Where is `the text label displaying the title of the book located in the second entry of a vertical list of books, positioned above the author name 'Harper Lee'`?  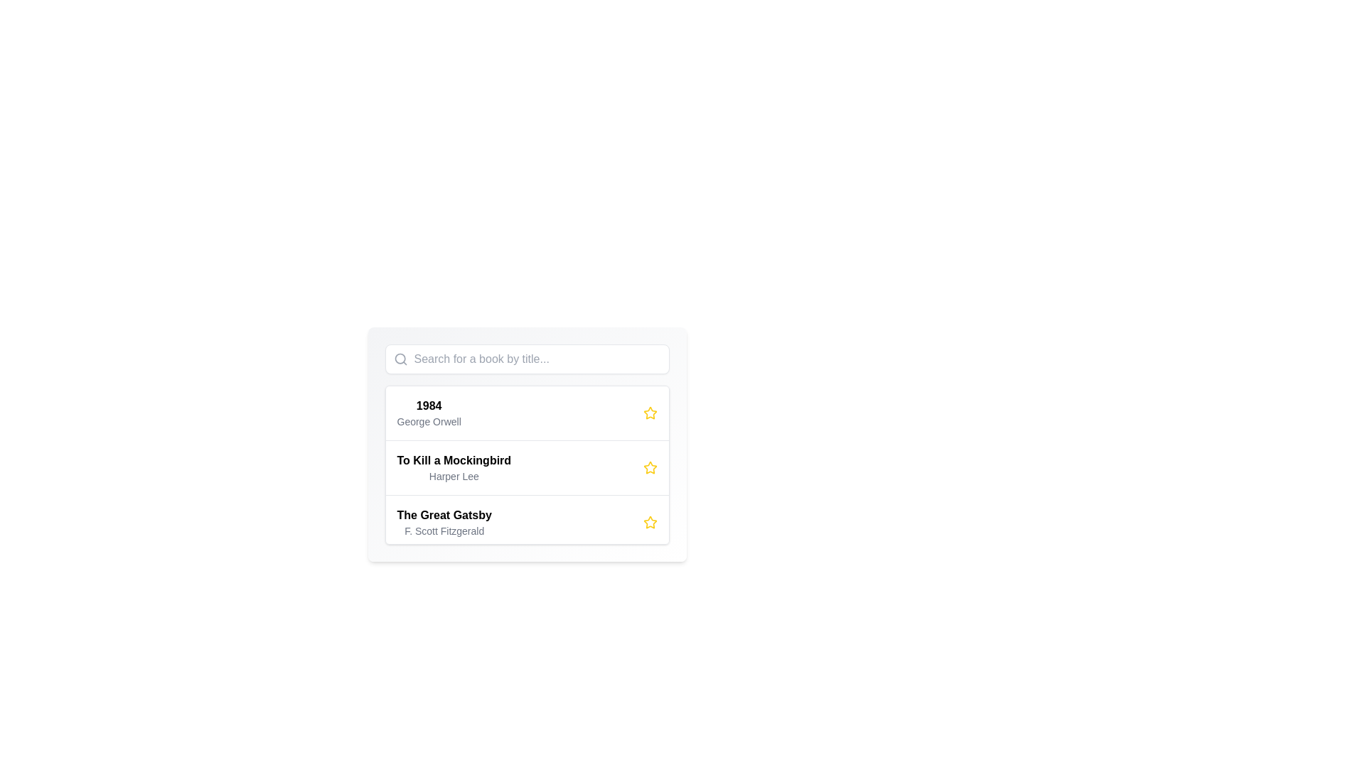
the text label displaying the title of the book located in the second entry of a vertical list of books, positioned above the author name 'Harper Lee' is located at coordinates (453, 460).